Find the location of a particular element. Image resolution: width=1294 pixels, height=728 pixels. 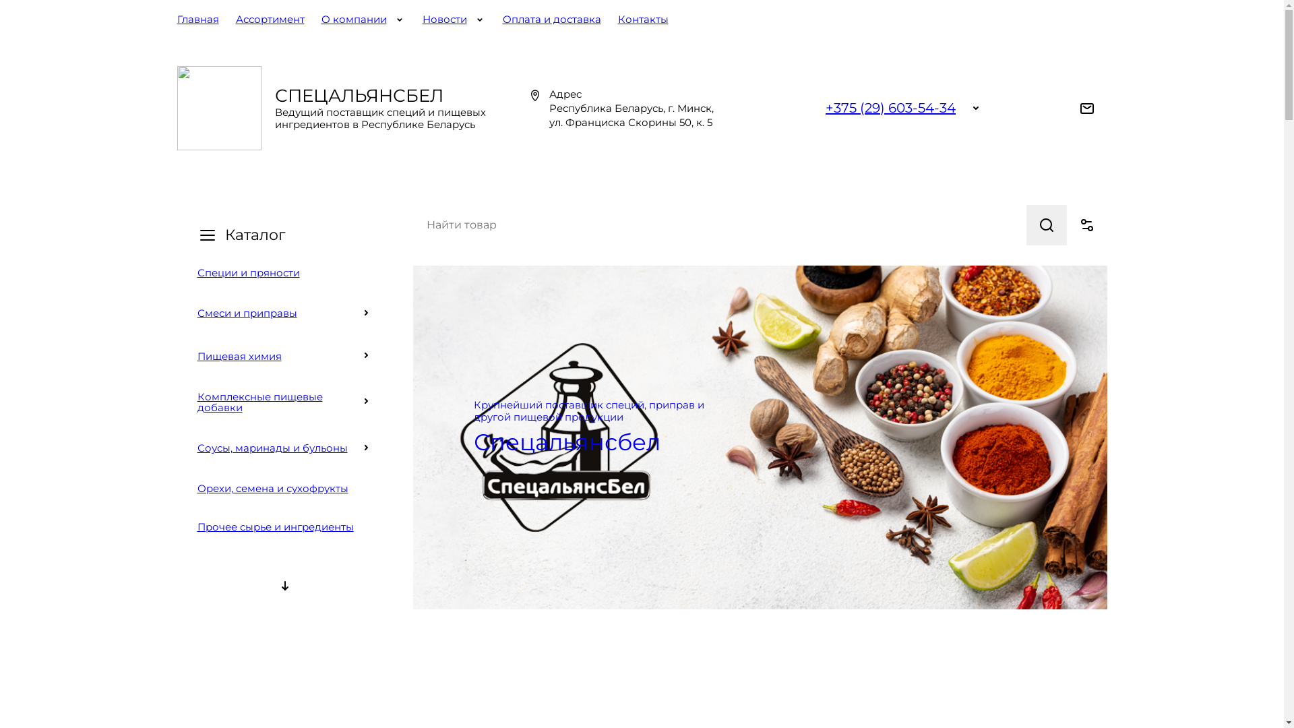

'Viber' is located at coordinates (805, 107).